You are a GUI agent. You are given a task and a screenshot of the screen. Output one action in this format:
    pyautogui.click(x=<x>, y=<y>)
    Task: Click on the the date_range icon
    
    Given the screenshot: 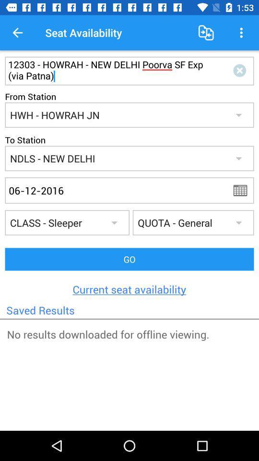 What is the action you would take?
    pyautogui.click(x=243, y=190)
    